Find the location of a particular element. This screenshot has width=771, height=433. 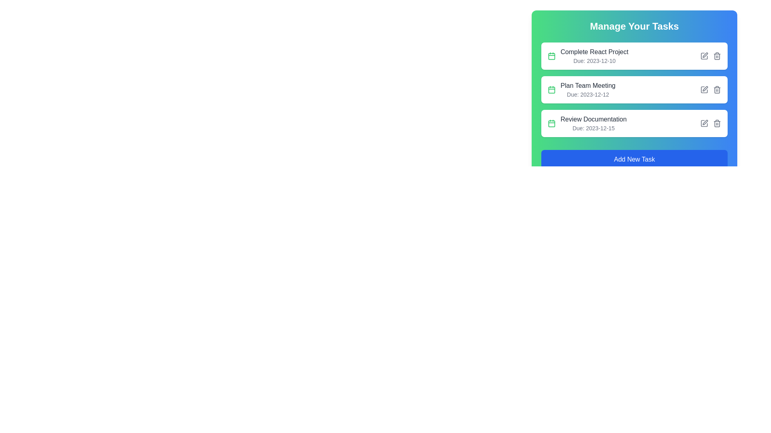

the task list item component representing the task 'Plan Team Meeting' which is located between 'Complete React Project' and 'Review Documentation' is located at coordinates (634, 94).